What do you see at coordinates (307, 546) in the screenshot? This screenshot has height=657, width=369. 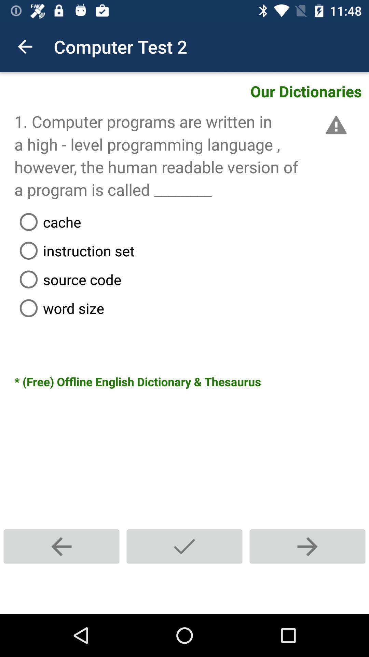 I see `the item below free offline english item` at bounding box center [307, 546].